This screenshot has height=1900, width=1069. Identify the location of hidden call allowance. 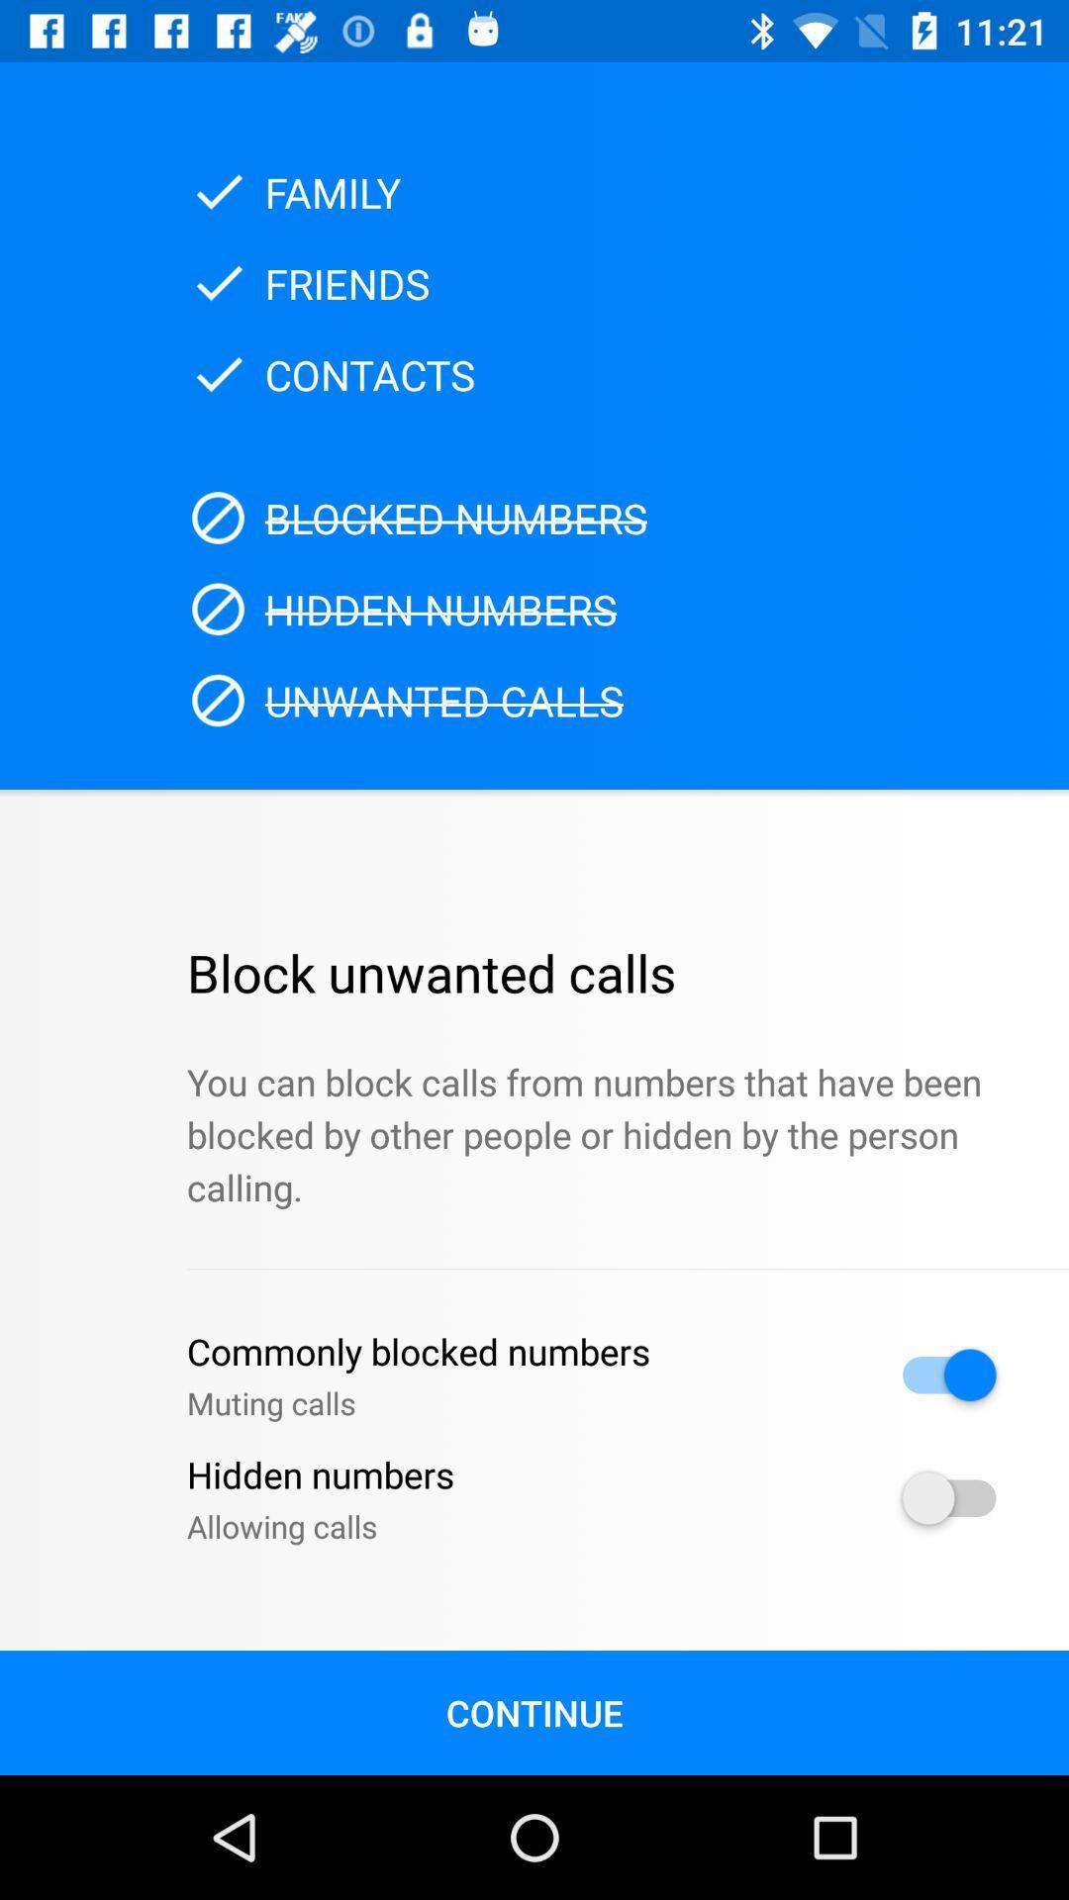
(948, 1498).